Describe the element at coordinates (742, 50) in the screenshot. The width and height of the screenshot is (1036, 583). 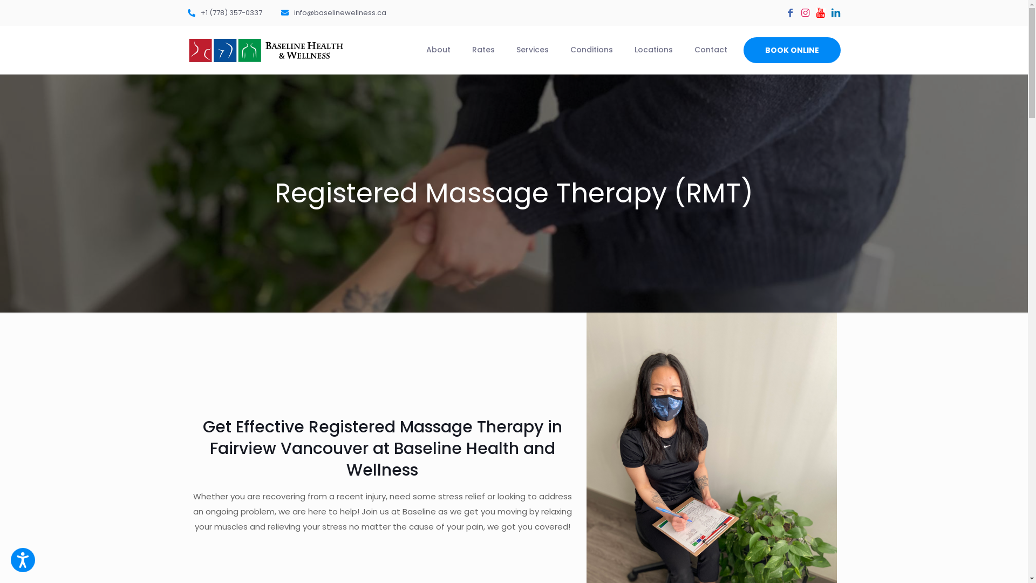
I see `'BOOK ONLINE'` at that location.